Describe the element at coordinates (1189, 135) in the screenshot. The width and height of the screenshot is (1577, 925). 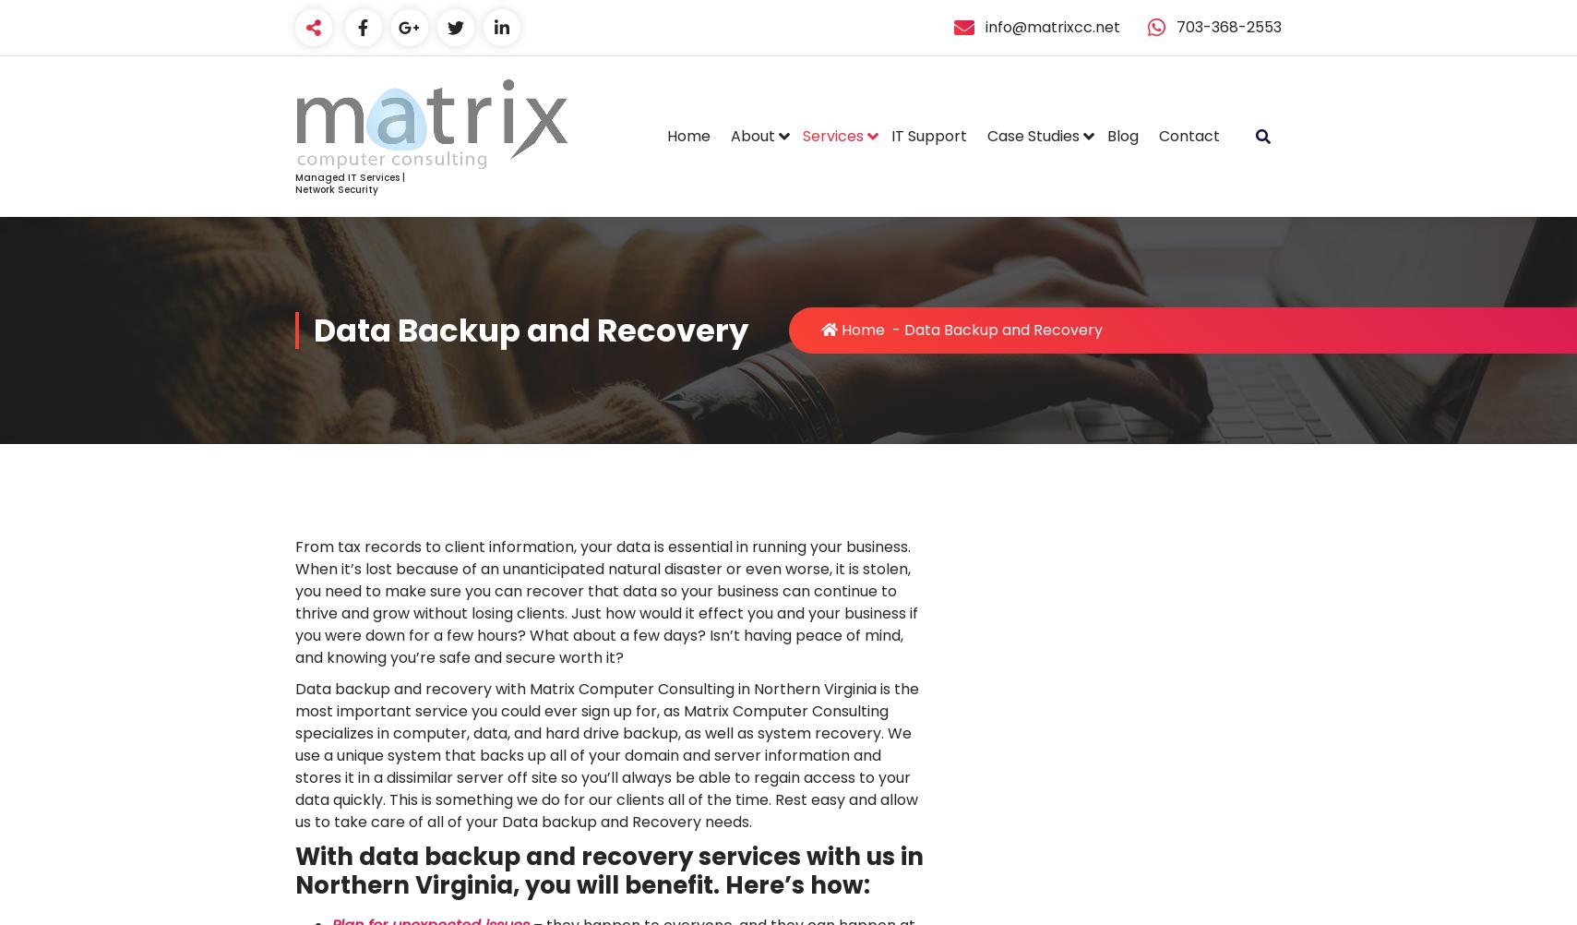
I see `'Contact'` at that location.